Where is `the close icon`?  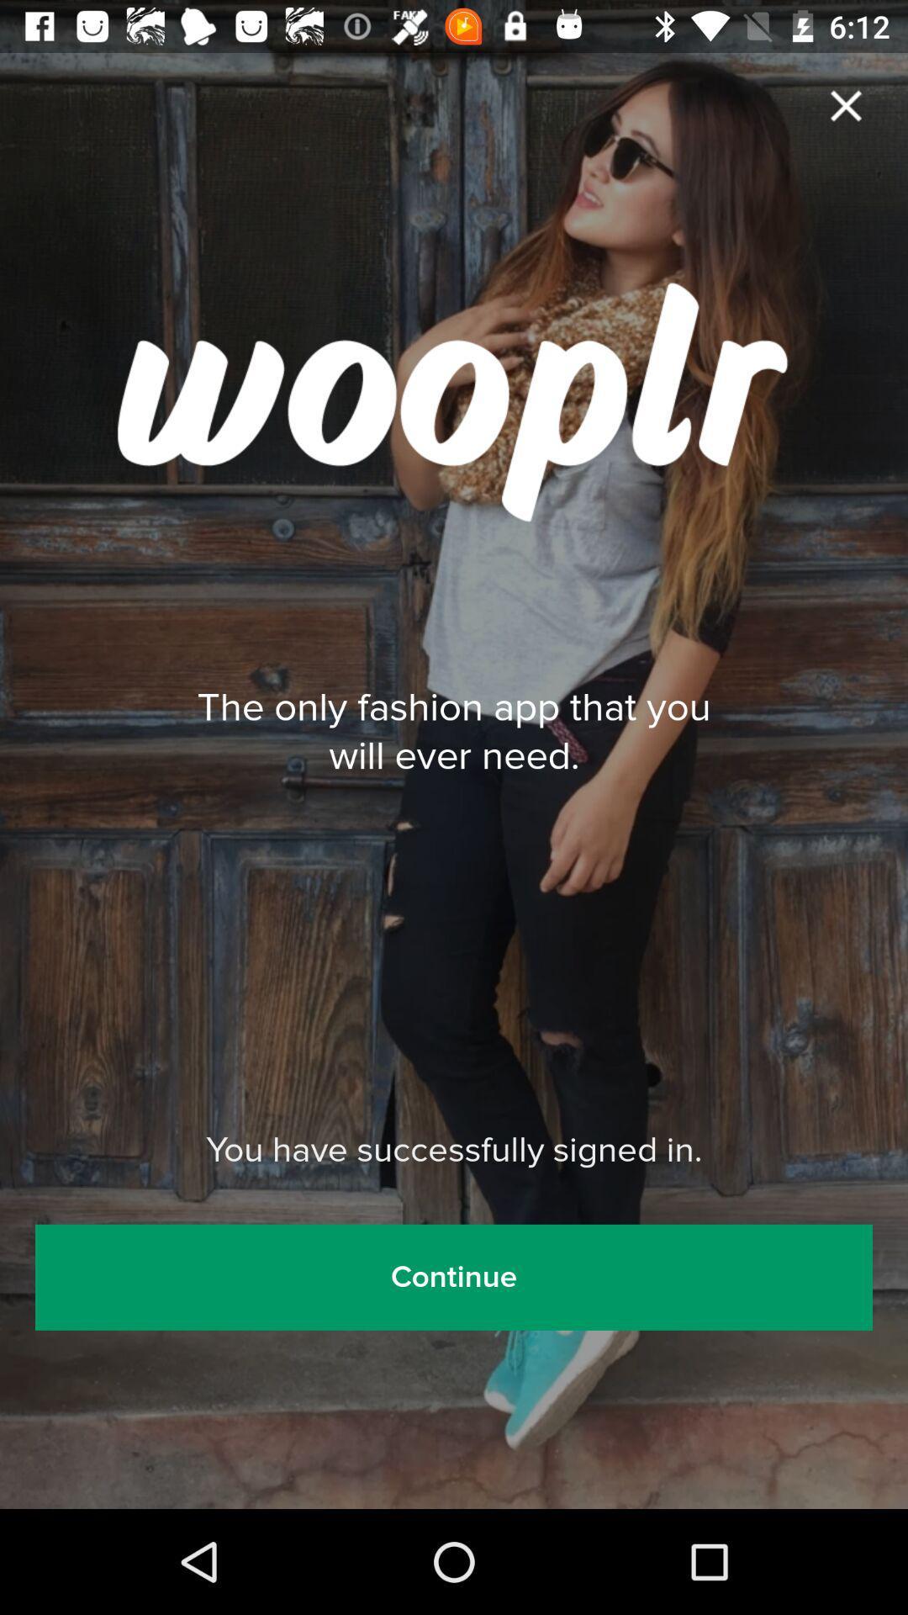 the close icon is located at coordinates (846, 104).